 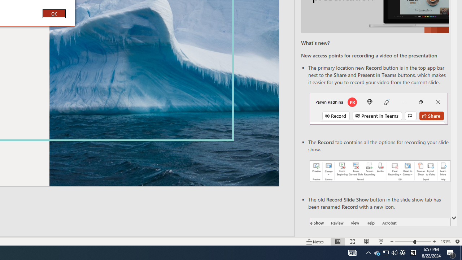 What do you see at coordinates (53, 13) in the screenshot?
I see `'OK'` at bounding box center [53, 13].